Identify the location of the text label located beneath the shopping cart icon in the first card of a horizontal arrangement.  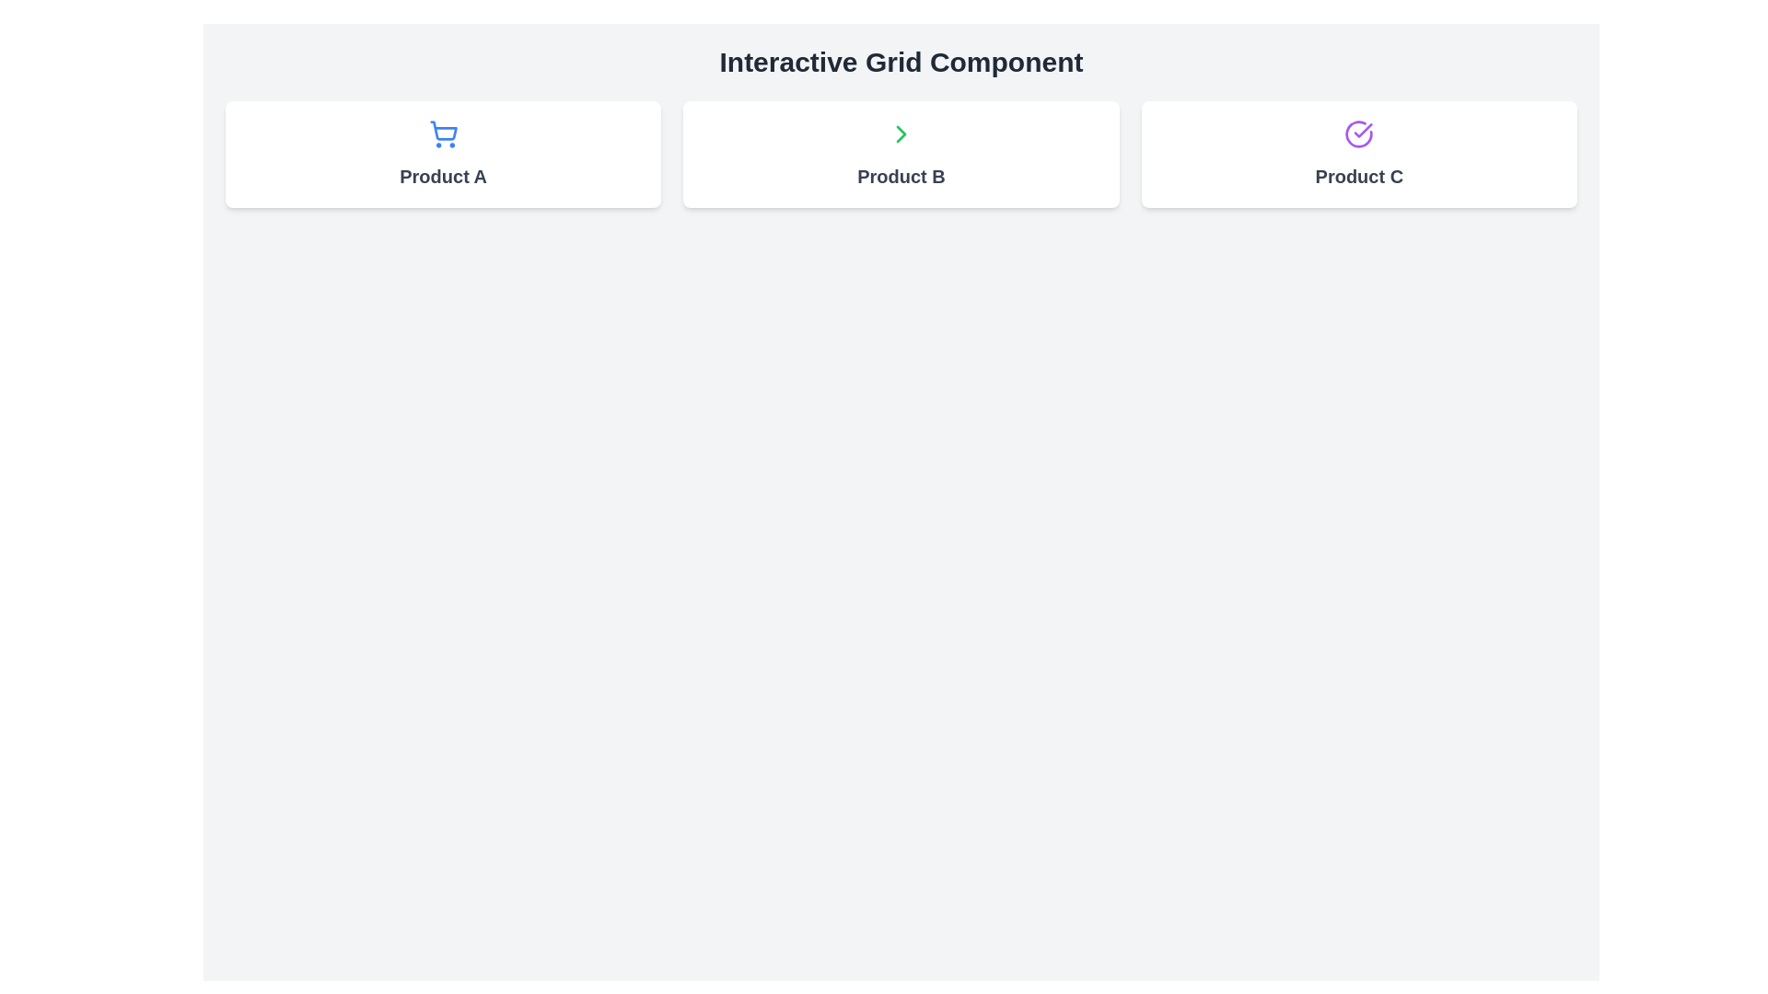
(443, 177).